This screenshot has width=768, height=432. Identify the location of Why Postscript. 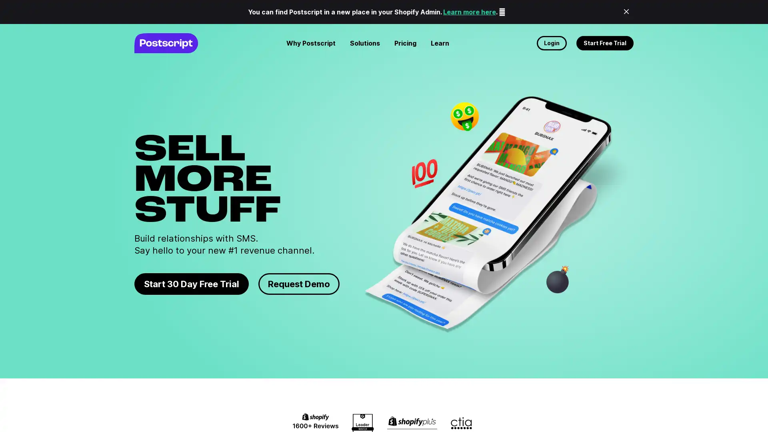
(310, 43).